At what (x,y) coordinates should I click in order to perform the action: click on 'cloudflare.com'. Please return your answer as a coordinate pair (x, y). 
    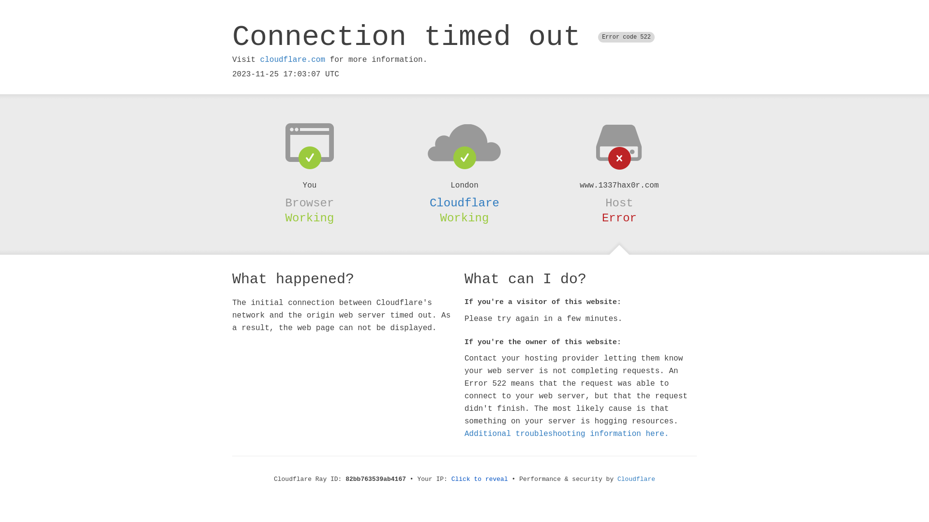
    Looking at the image, I should click on (292, 59).